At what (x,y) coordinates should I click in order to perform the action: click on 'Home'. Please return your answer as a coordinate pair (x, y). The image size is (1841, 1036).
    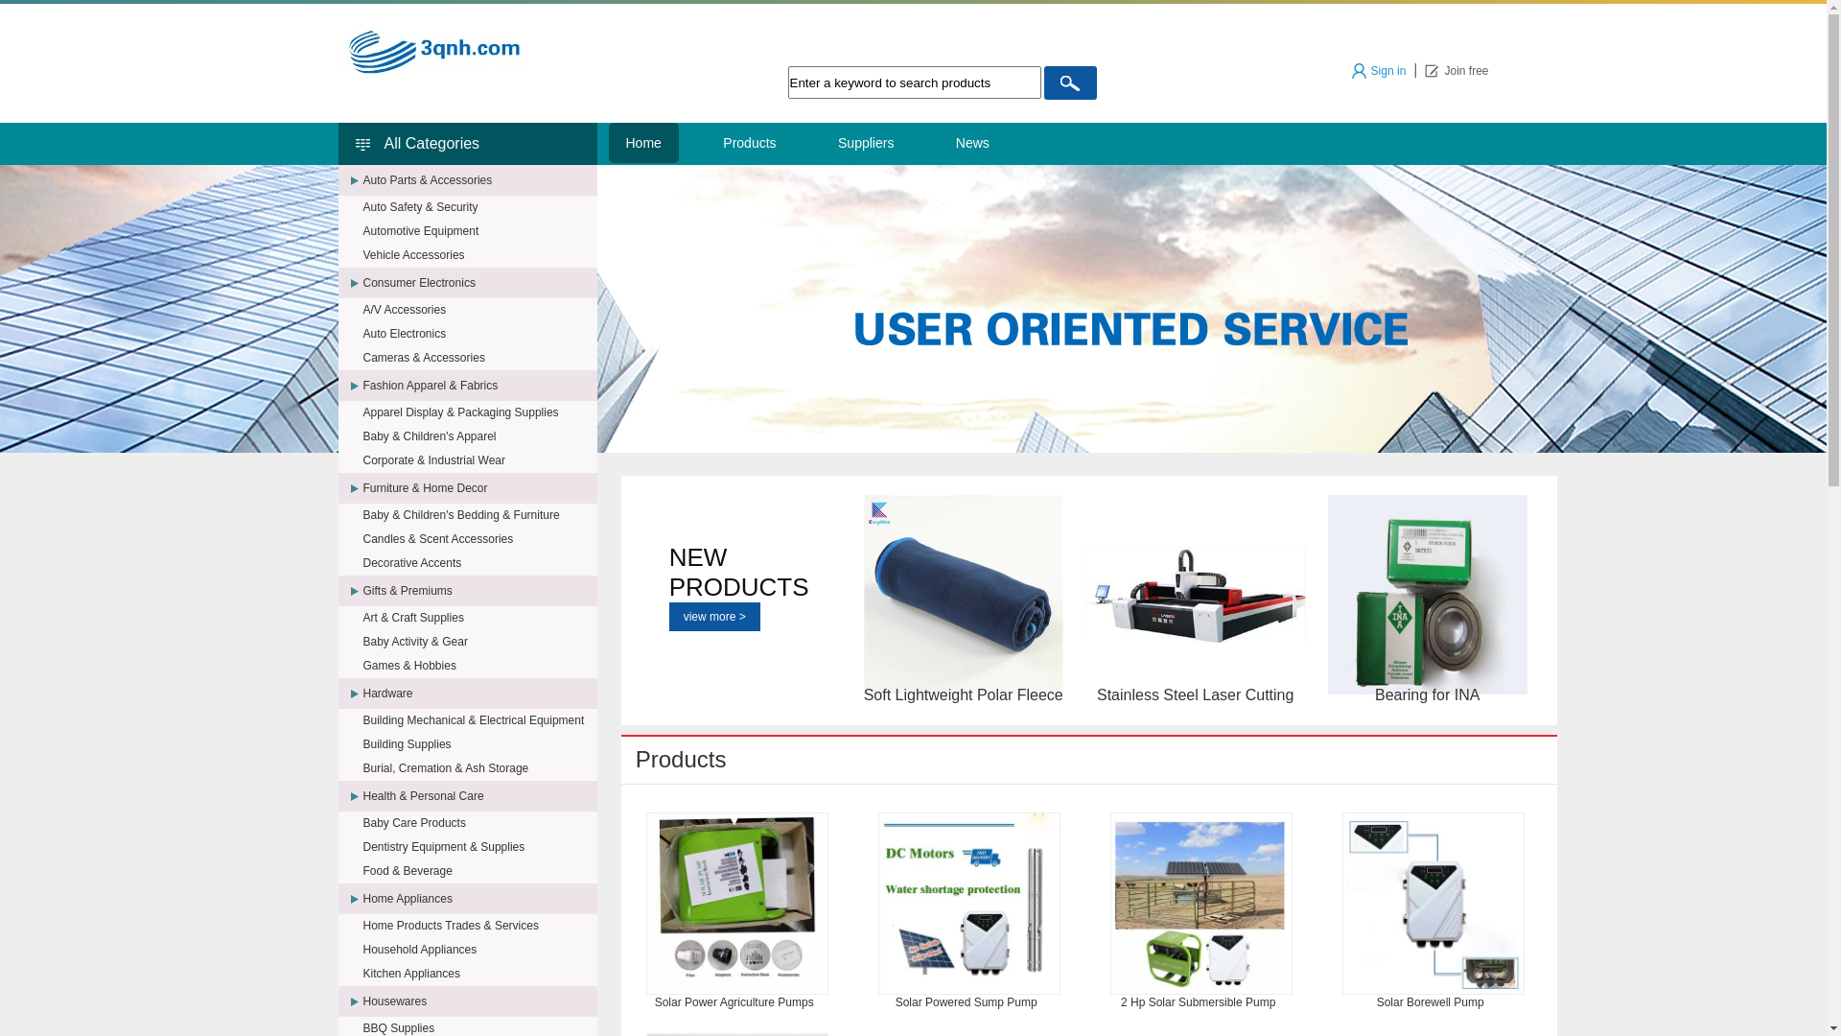
    Looking at the image, I should click on (642, 142).